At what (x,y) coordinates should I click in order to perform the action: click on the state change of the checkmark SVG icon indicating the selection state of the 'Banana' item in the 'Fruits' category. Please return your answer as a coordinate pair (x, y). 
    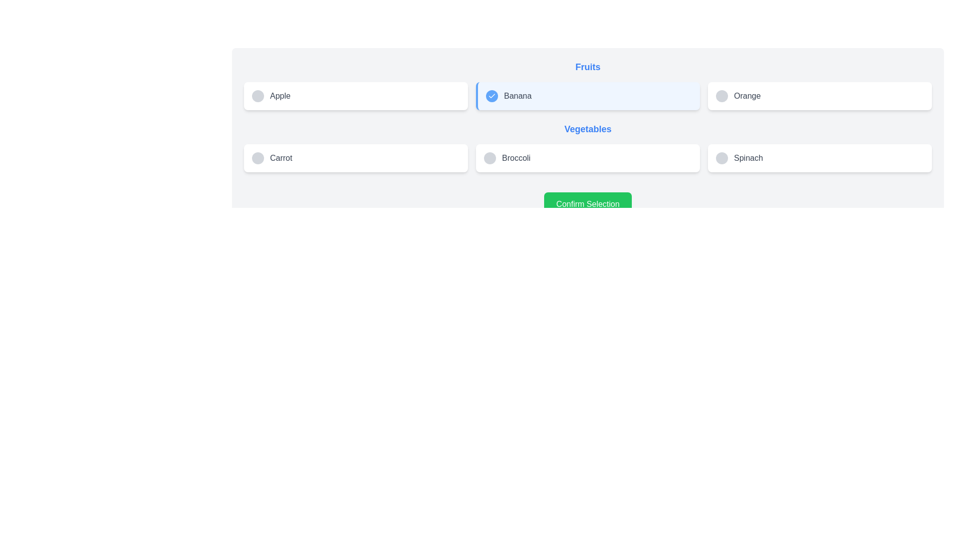
    Looking at the image, I should click on (492, 96).